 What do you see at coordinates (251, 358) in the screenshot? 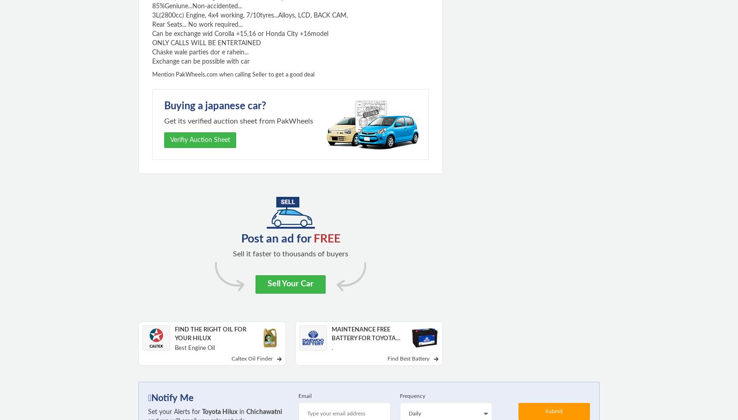
I see `'Caltex Oil Finder'` at bounding box center [251, 358].